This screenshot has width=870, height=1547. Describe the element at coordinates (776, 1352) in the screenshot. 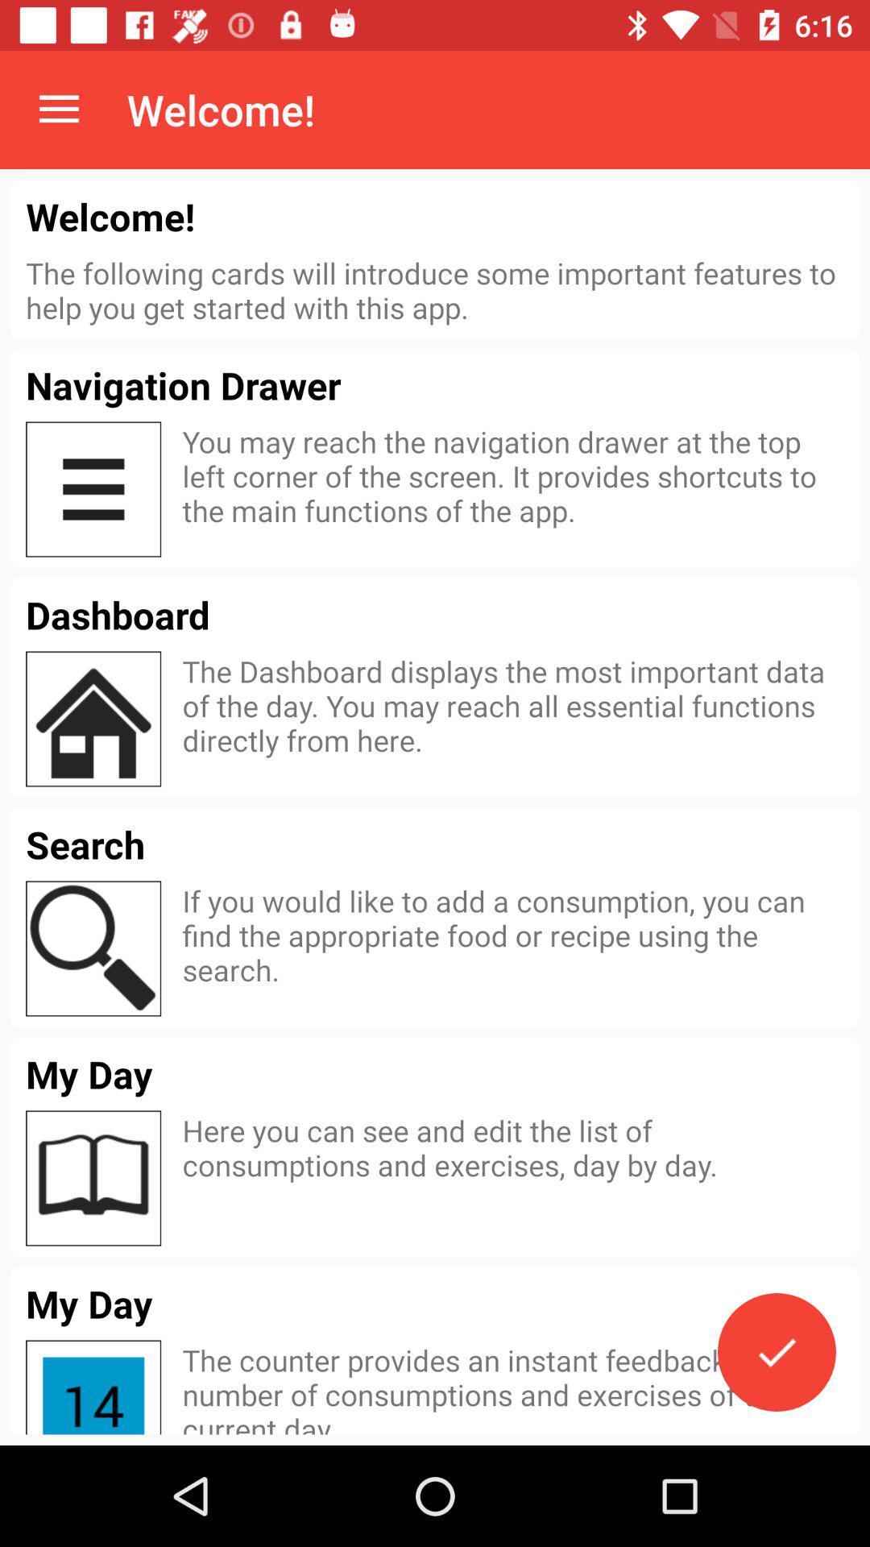

I see `icon at the bottom right corner` at that location.